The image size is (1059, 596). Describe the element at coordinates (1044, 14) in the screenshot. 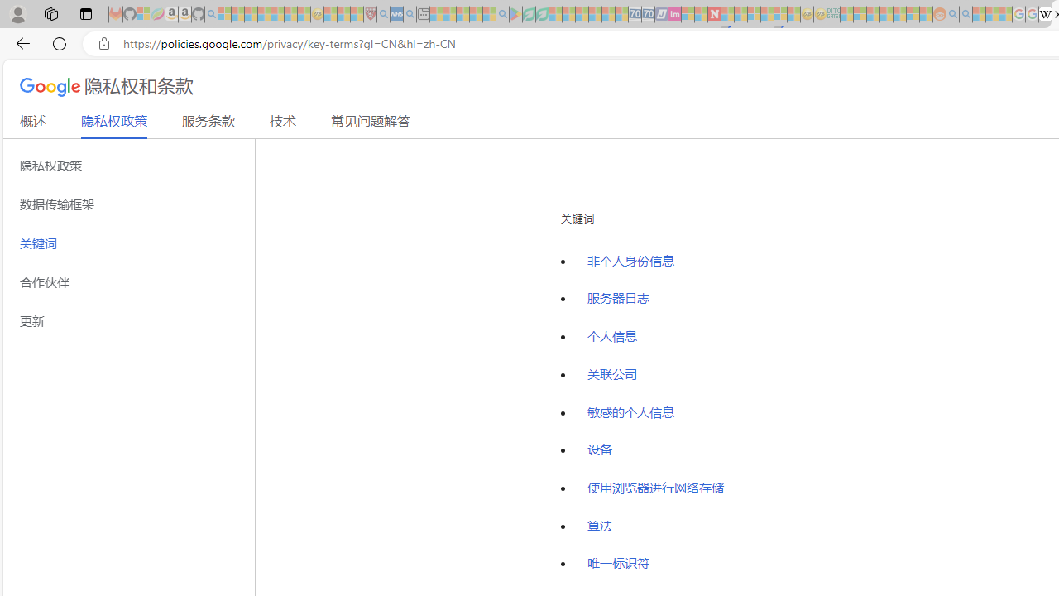

I see `'Target page - Wikipedia'` at that location.